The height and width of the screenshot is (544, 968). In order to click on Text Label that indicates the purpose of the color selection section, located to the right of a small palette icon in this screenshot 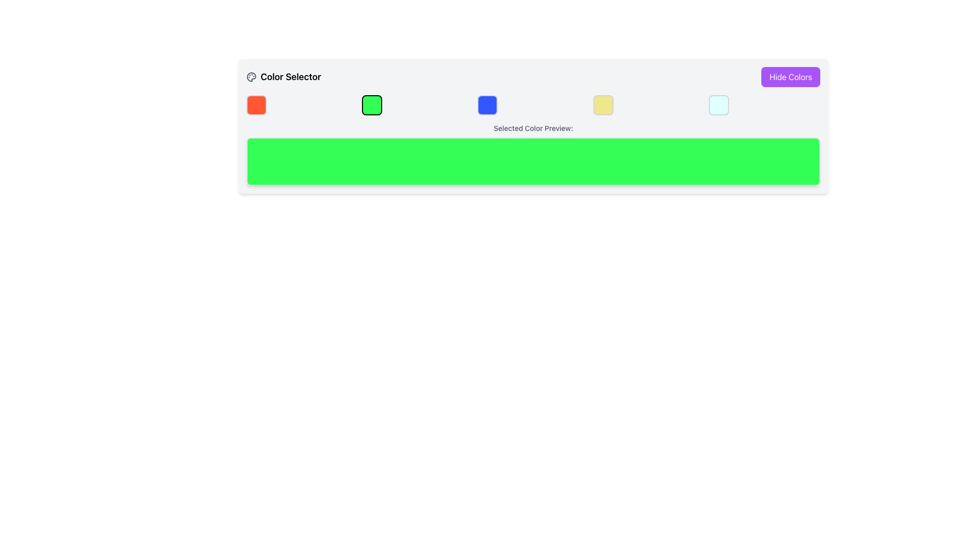, I will do `click(290, 77)`.